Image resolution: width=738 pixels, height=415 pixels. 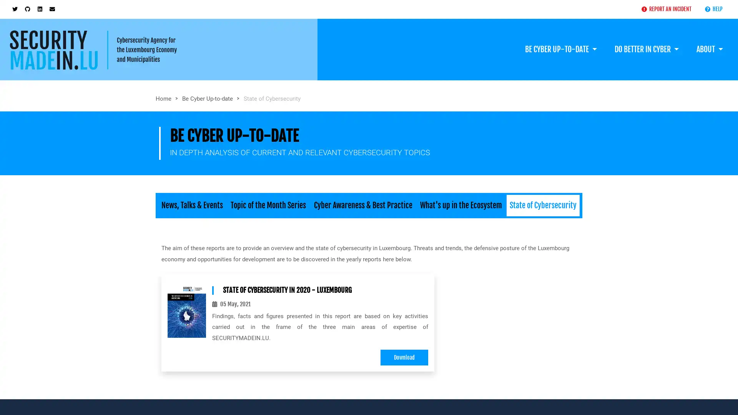 What do you see at coordinates (560, 41) in the screenshot?
I see `BE CYBER UP-TO-DATE` at bounding box center [560, 41].